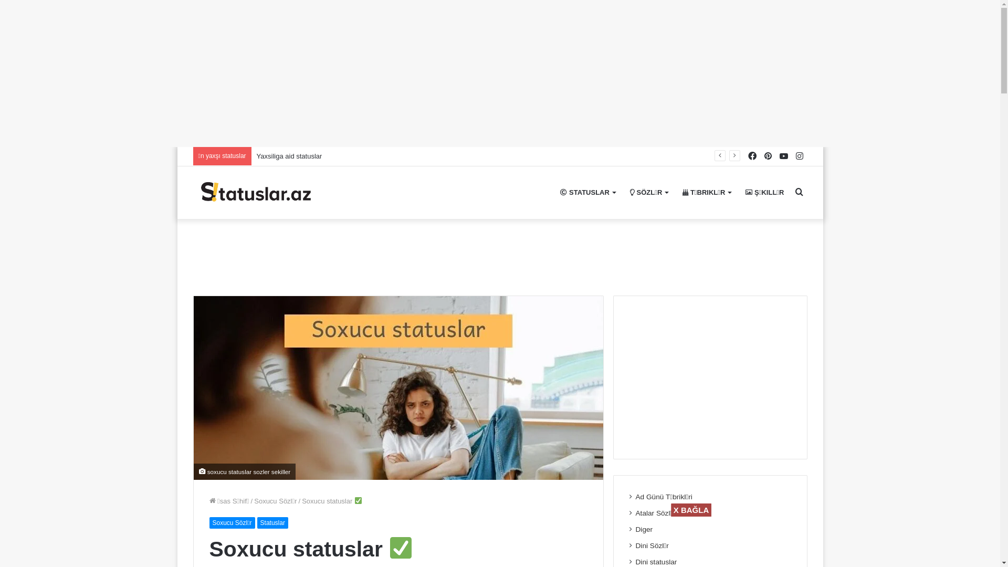 This screenshot has height=567, width=1008. I want to click on 'Instagram', so click(799, 156).